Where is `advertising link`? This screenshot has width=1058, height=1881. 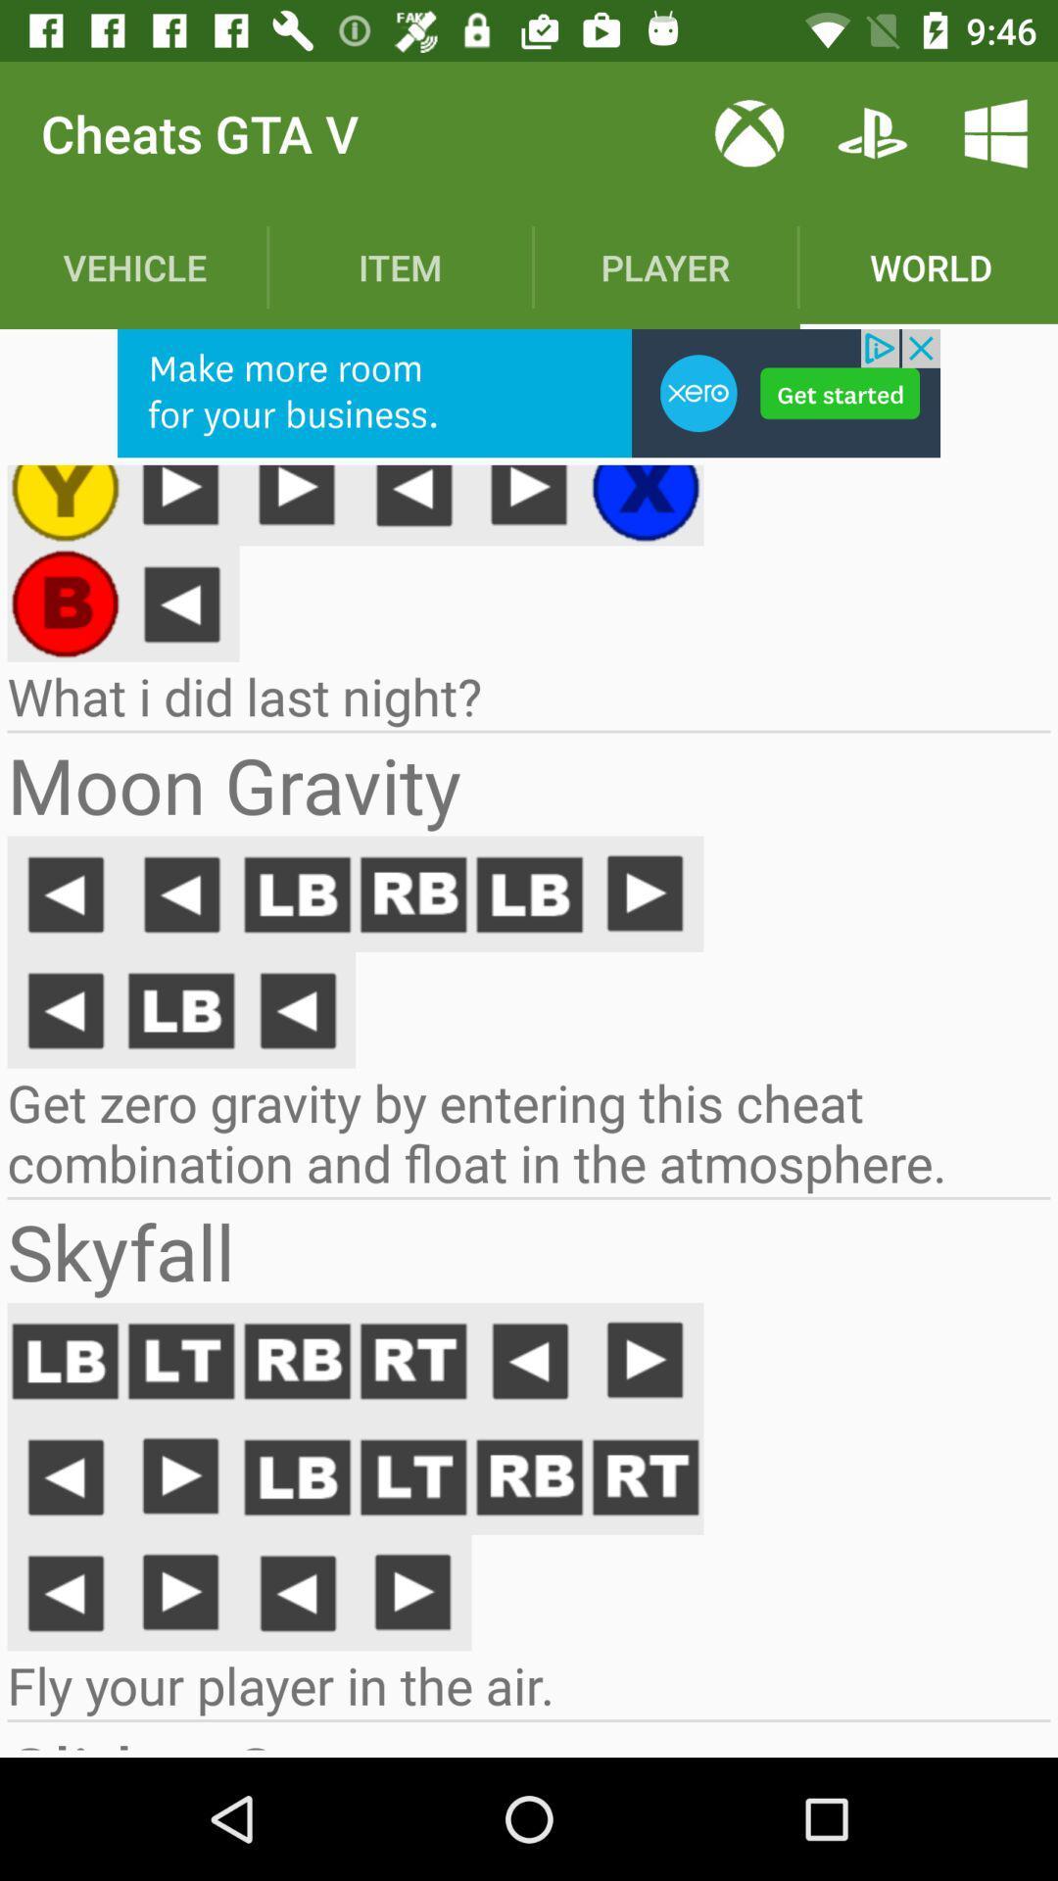 advertising link is located at coordinates (529, 392).